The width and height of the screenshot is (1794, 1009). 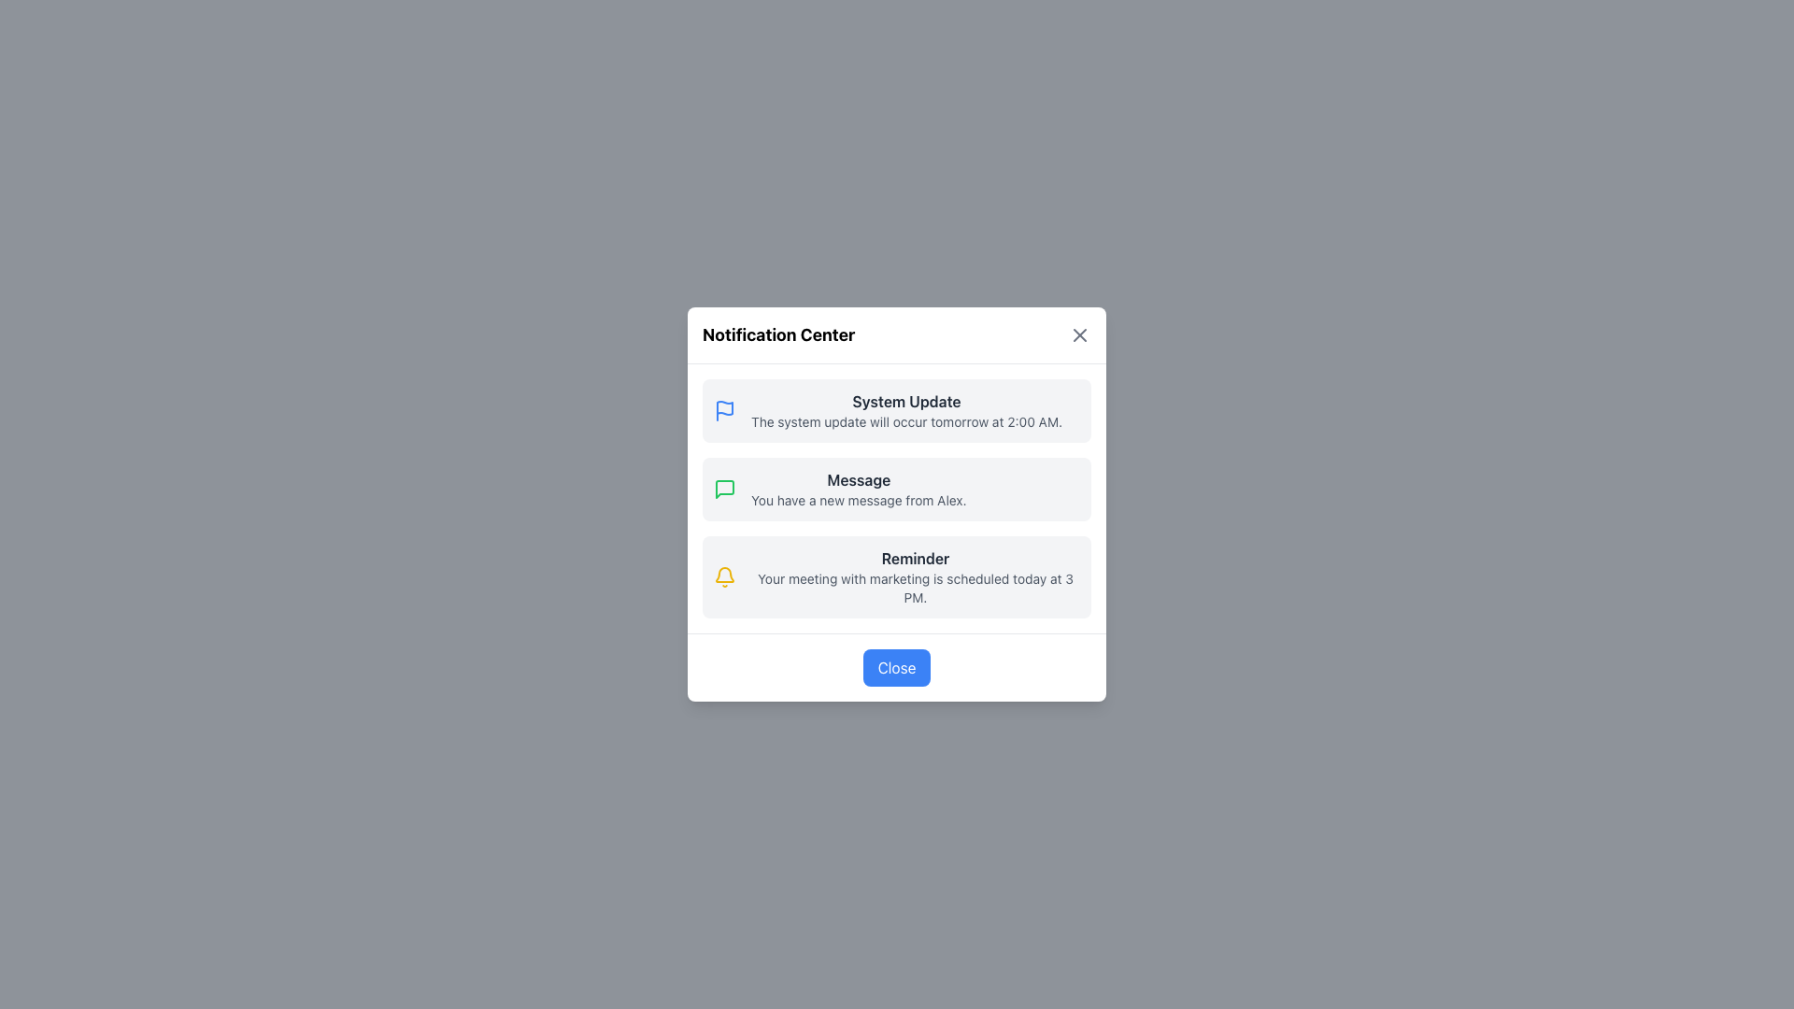 I want to click on the text label displaying 'You have a new message from Alex.', which is located beneath the 'Message' heading in the notification card, so click(x=858, y=500).